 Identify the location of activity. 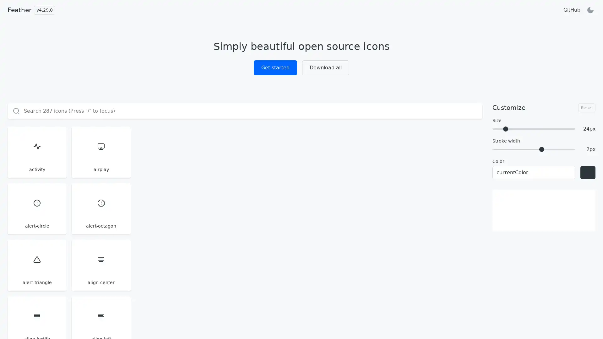
(31, 152).